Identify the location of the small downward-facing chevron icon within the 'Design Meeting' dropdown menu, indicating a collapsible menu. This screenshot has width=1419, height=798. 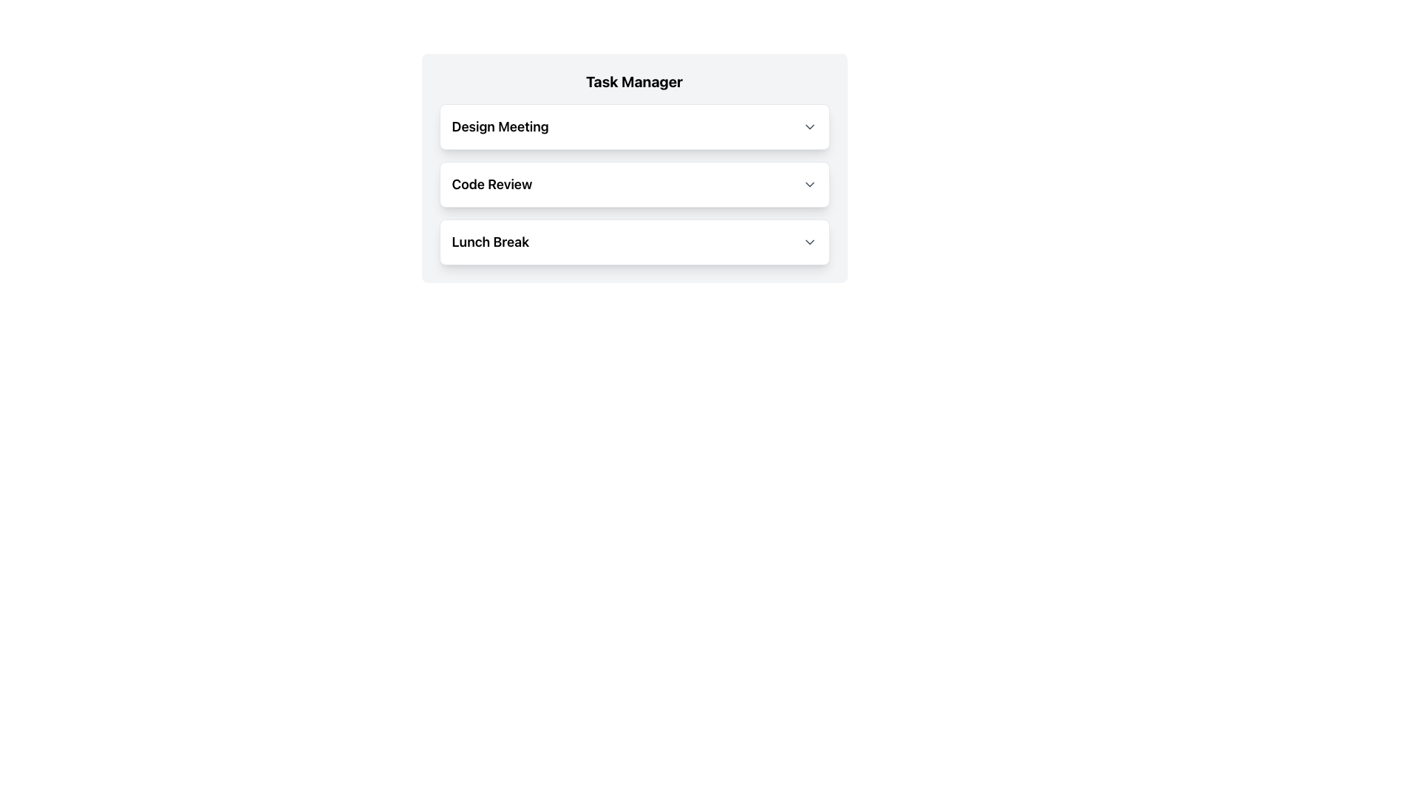
(809, 126).